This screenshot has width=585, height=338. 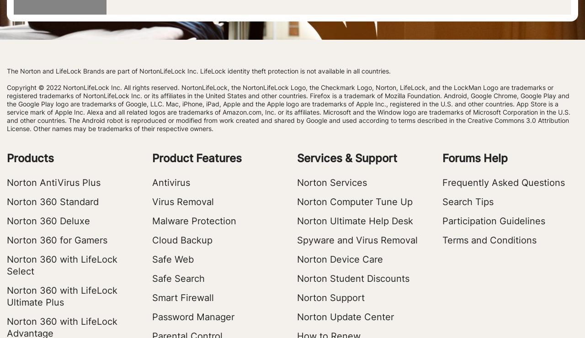 I want to click on 'Cloud Backup', so click(x=181, y=240).